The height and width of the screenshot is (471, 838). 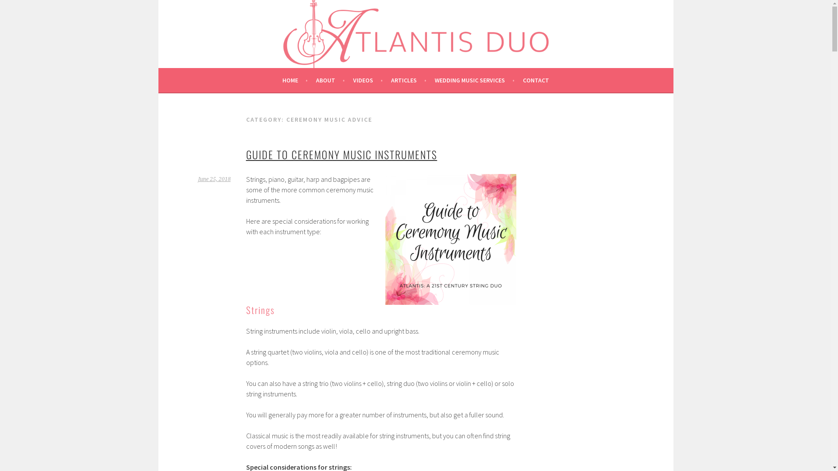 What do you see at coordinates (227, 31) in the screenshot?
I see `'ATLANTIS DUO'` at bounding box center [227, 31].